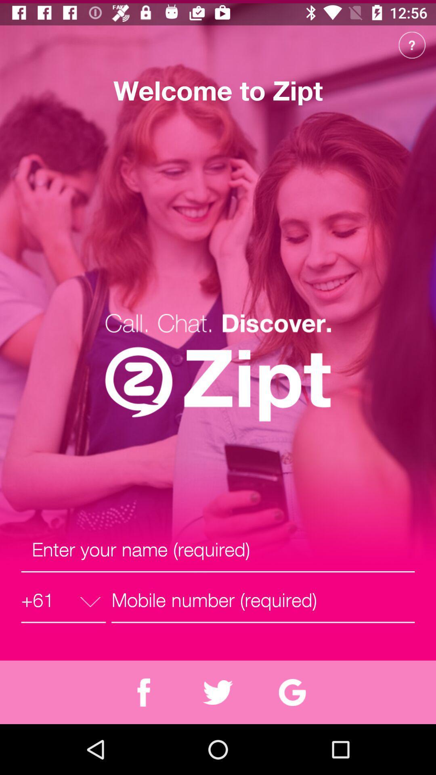 The image size is (436, 775). What do you see at coordinates (292, 692) in the screenshot?
I see `the refresh icon` at bounding box center [292, 692].